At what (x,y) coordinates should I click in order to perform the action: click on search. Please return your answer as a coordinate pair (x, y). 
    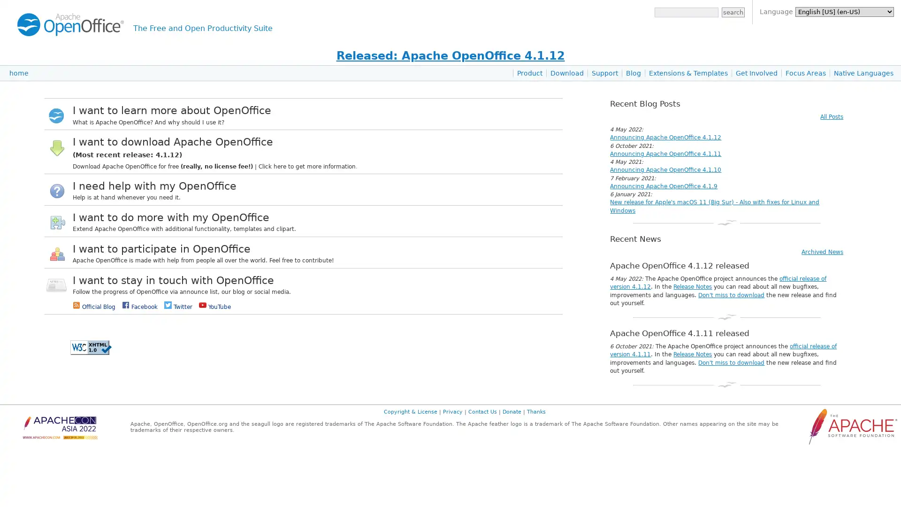
    Looking at the image, I should click on (733, 12).